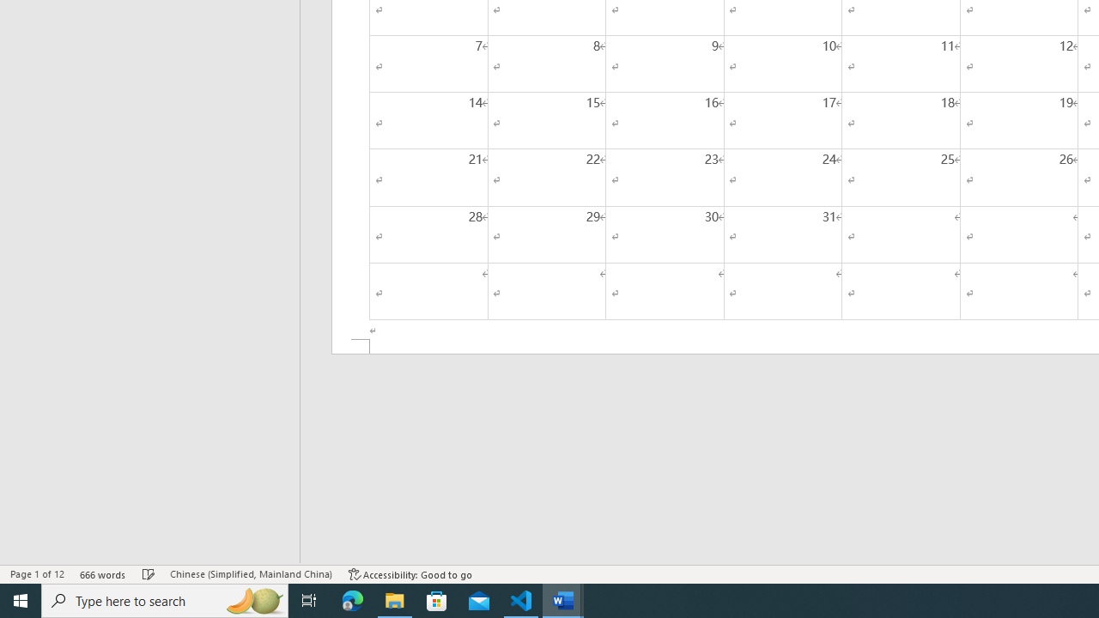 Image resolution: width=1099 pixels, height=618 pixels. Describe the element at coordinates (410, 574) in the screenshot. I see `'Accessibility Checker Accessibility: Good to go'` at that location.